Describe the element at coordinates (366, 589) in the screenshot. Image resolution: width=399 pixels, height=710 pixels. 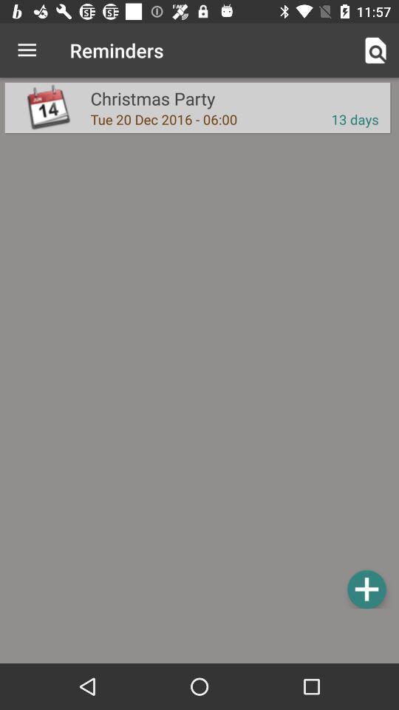
I see `the add icon` at that location.